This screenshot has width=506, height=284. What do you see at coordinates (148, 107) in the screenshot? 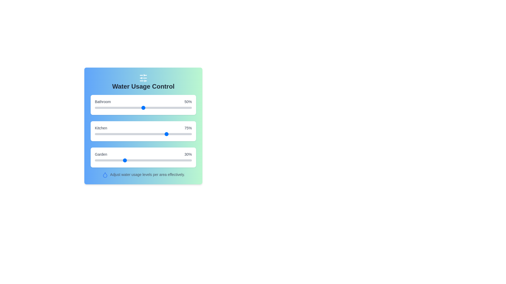
I see `the Bathroom usage slider to 55%` at bounding box center [148, 107].